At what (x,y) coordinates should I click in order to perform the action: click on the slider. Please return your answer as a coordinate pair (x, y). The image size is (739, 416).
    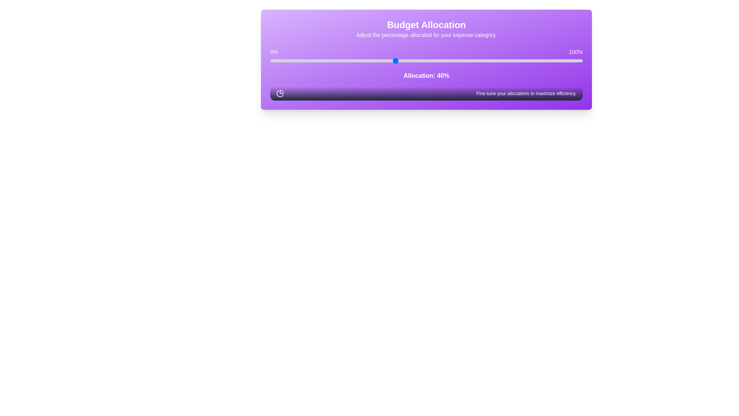
    Looking at the image, I should click on (386, 60).